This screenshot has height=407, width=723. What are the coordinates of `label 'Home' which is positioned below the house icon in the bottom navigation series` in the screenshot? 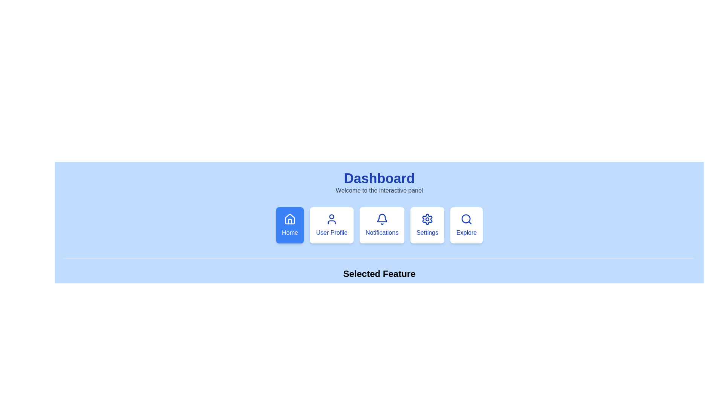 It's located at (290, 232).